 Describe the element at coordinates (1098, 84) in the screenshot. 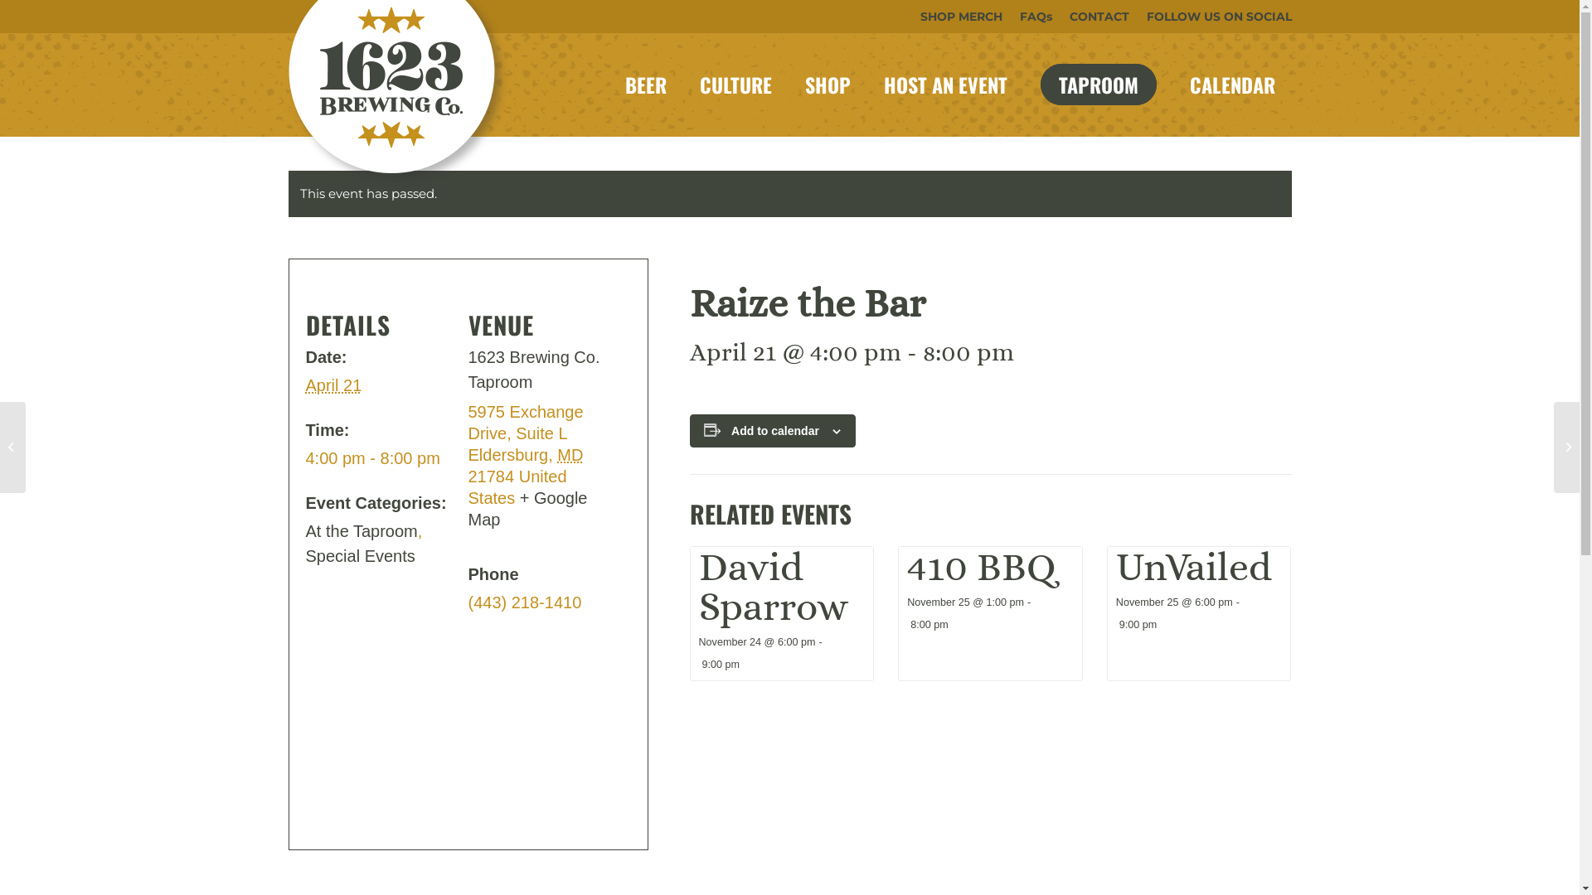

I see `'TAPROOM'` at that location.